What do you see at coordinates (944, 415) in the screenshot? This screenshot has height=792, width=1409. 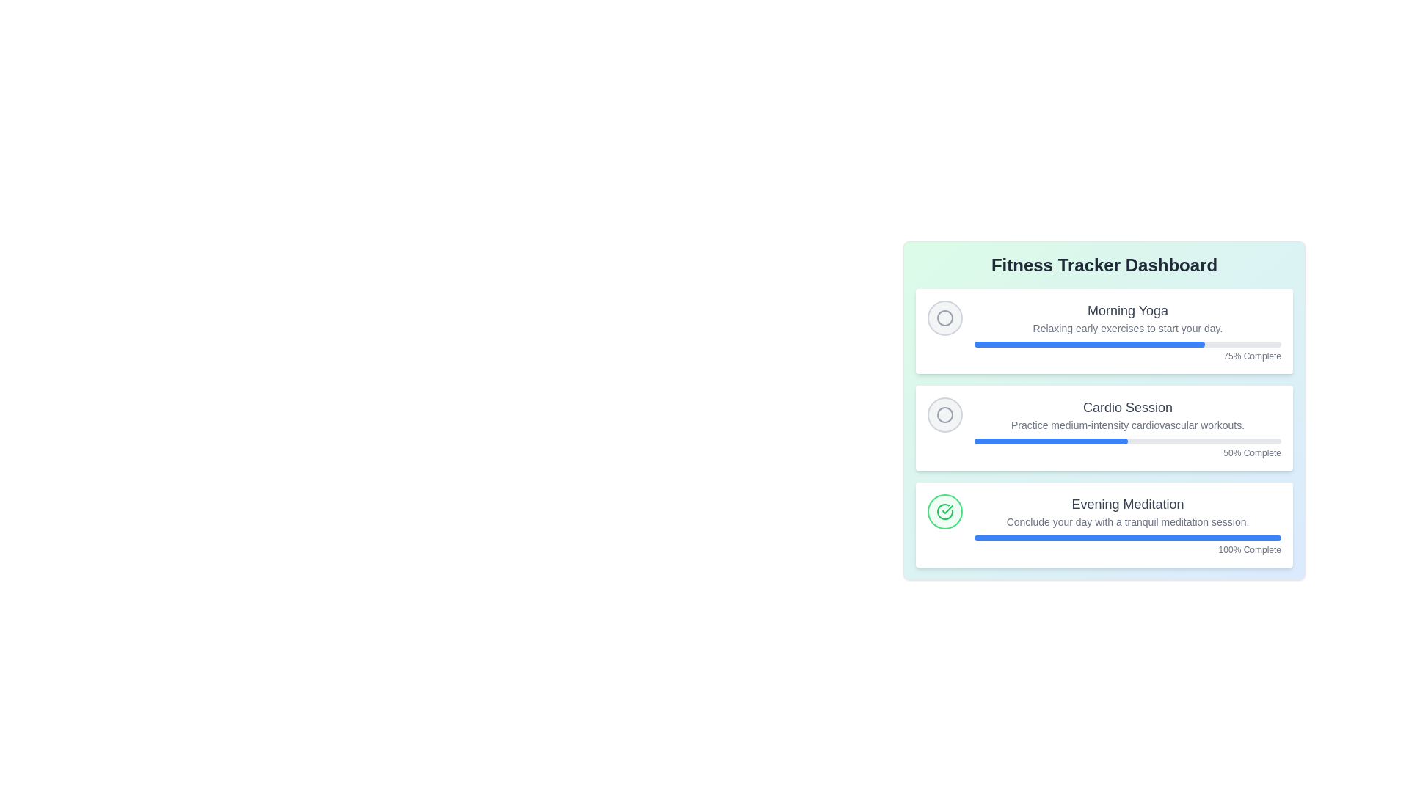 I see `the inner circular dot of the 'Cardio Session' icon on the fitness tracker dashboard interface` at bounding box center [944, 415].